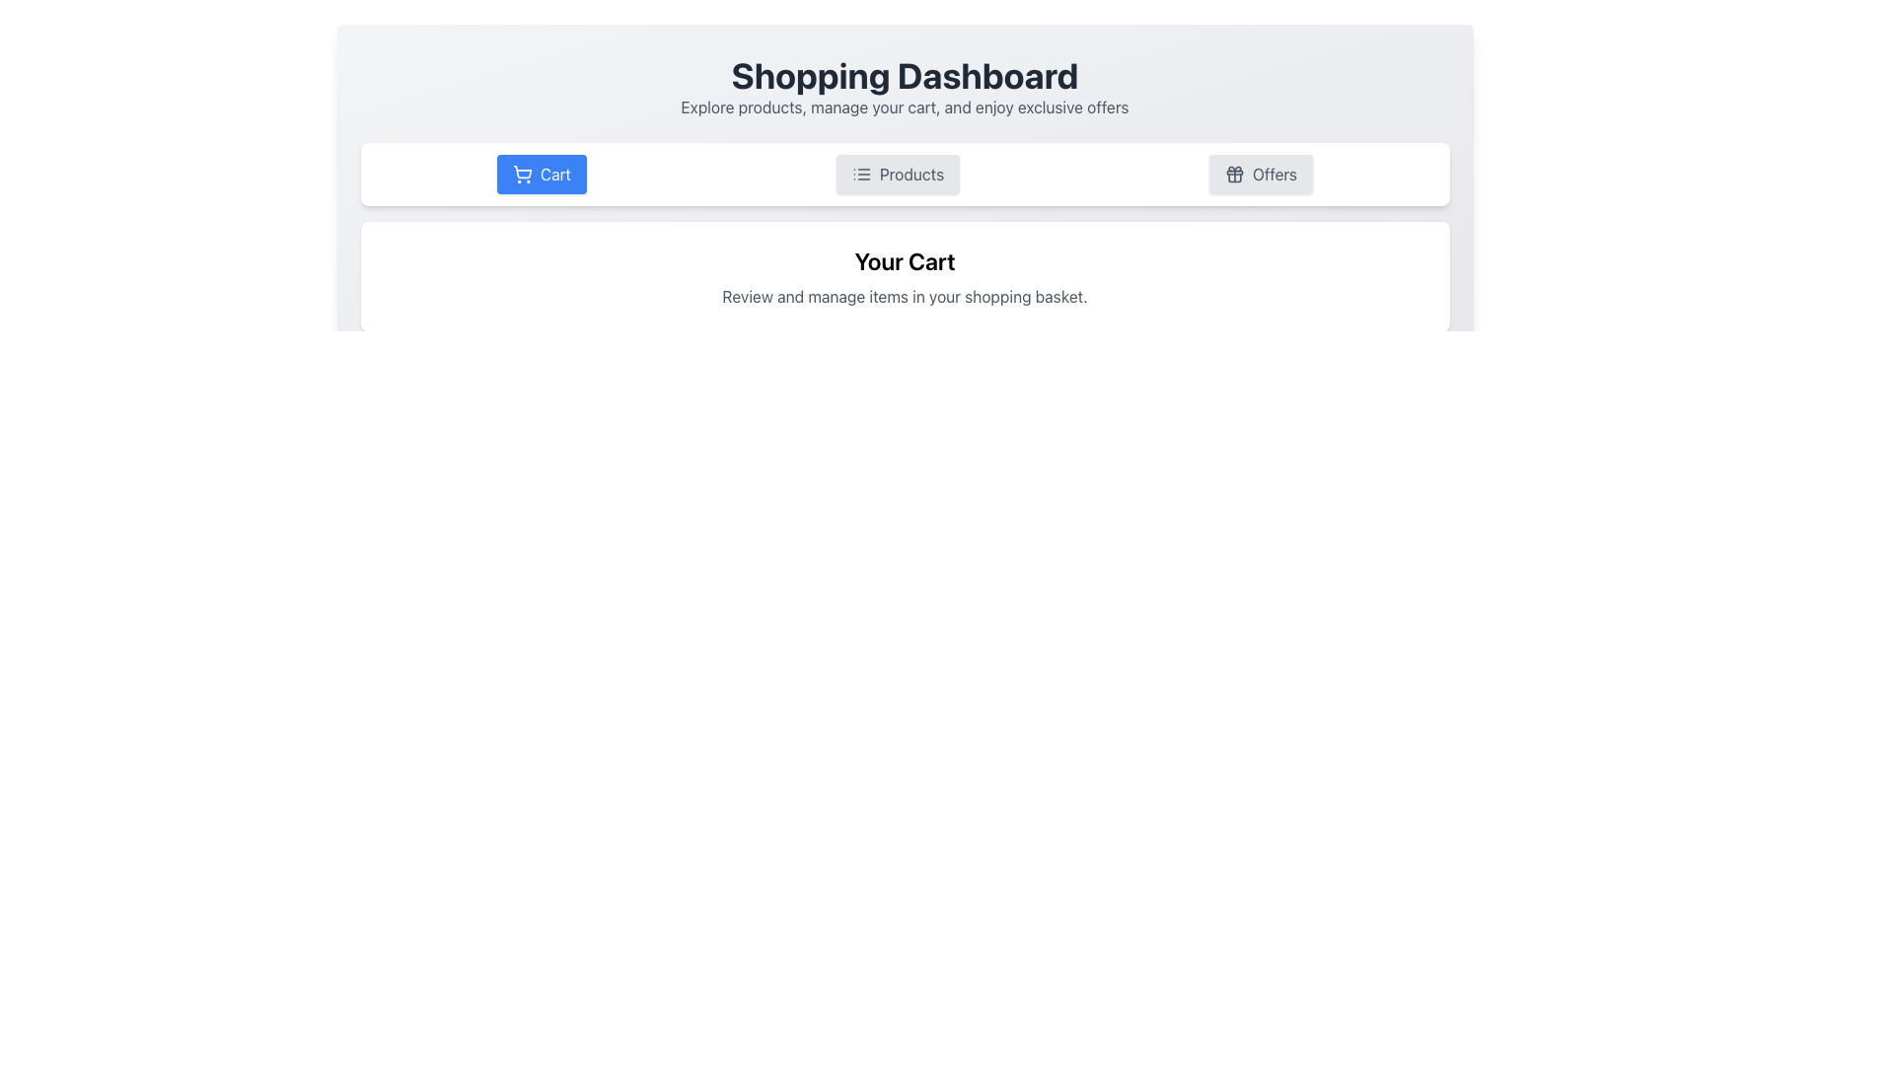 Image resolution: width=1894 pixels, height=1065 pixels. Describe the element at coordinates (911, 174) in the screenshot. I see `the 'Products' text label within the button component` at that location.